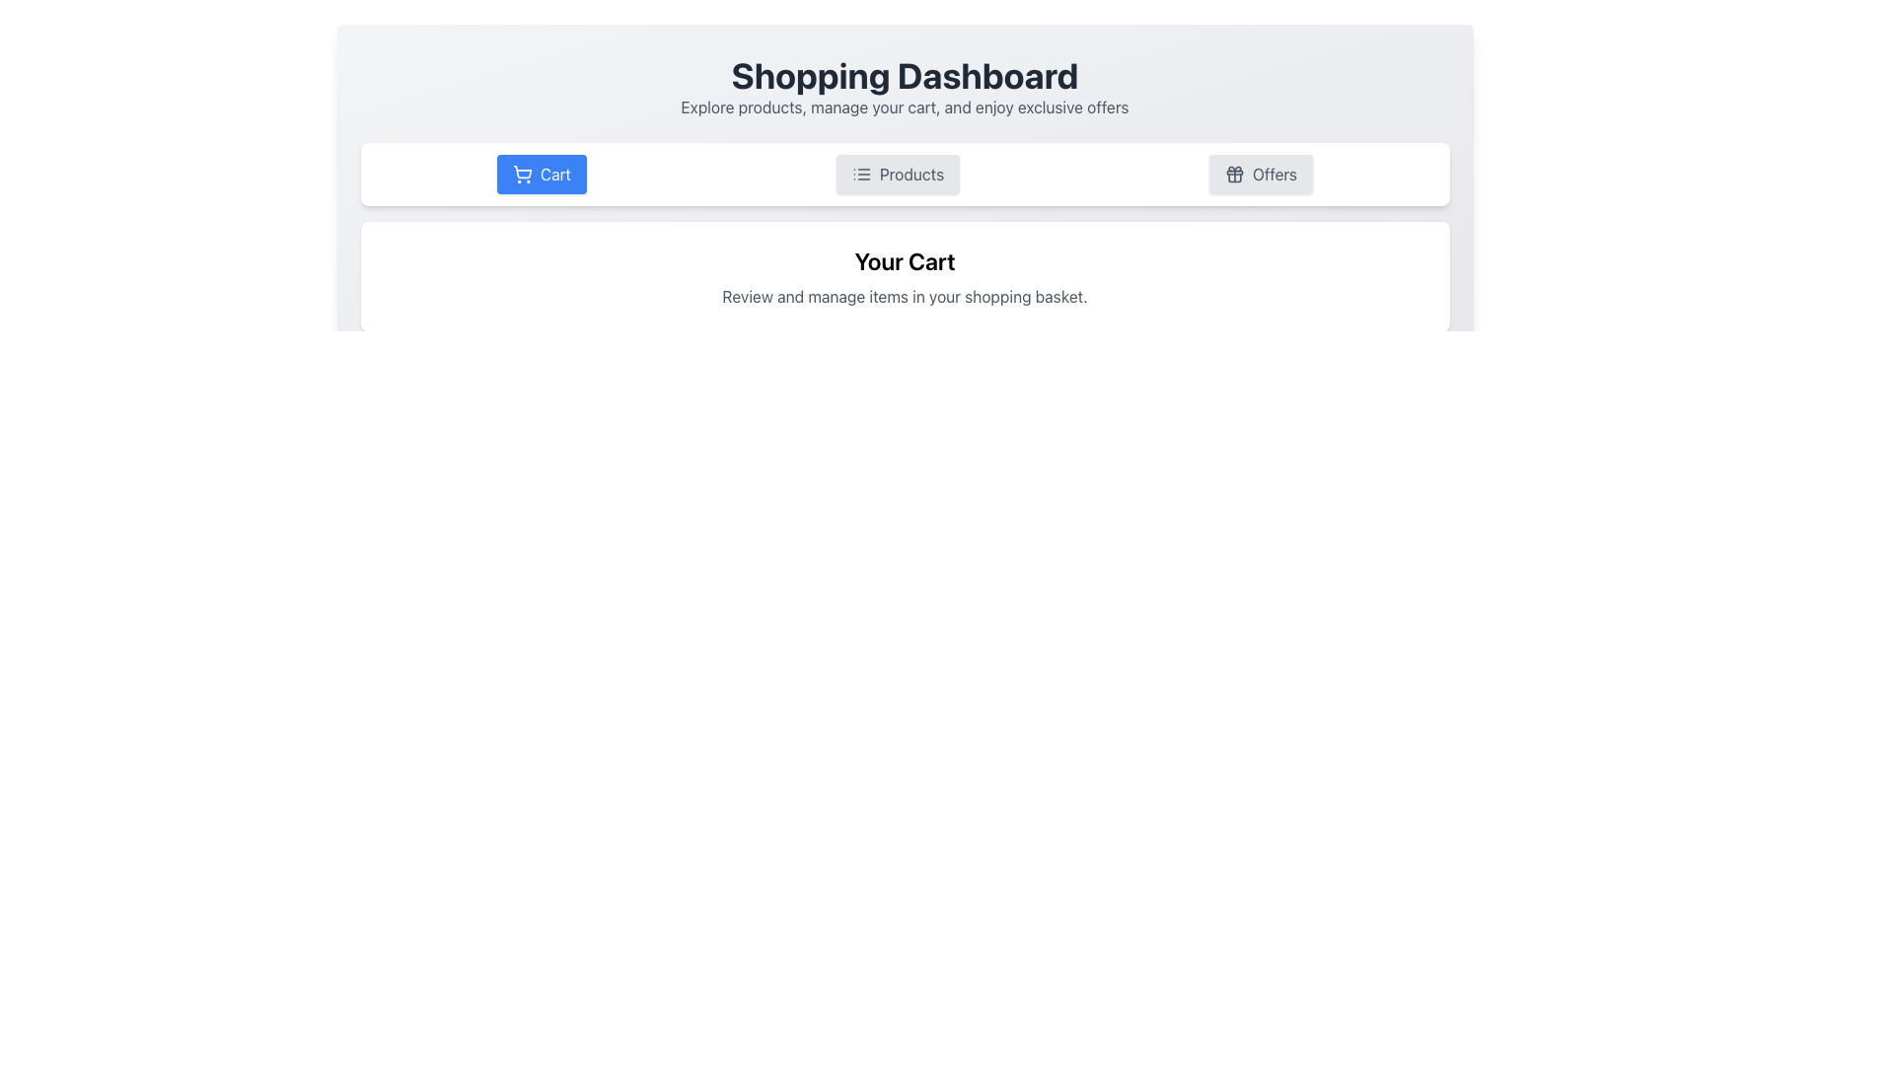 Image resolution: width=1894 pixels, height=1065 pixels. Describe the element at coordinates (911, 174) in the screenshot. I see `the 'Products' text label within the button component` at that location.